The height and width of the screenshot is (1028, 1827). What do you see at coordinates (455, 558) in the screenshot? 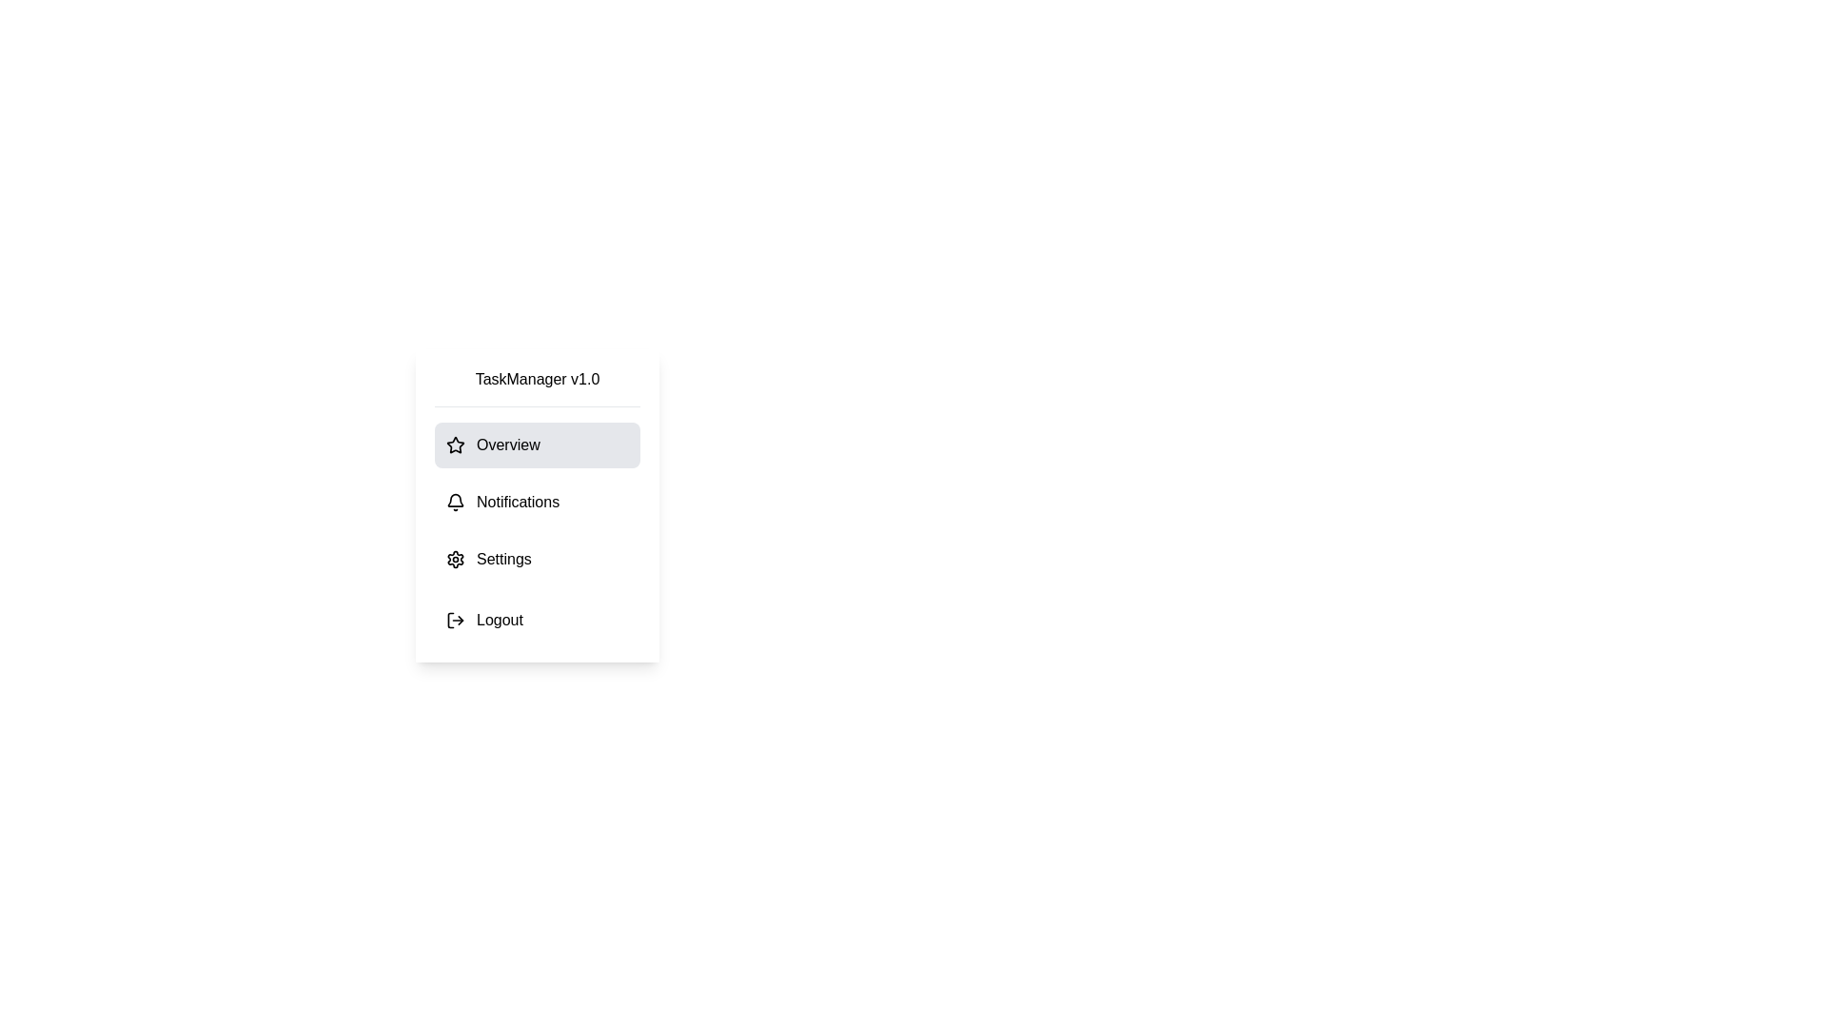
I see `the cogwheel-like settings icon located beside the 'Settings' label in the TaskManager v1.0 menu` at bounding box center [455, 558].